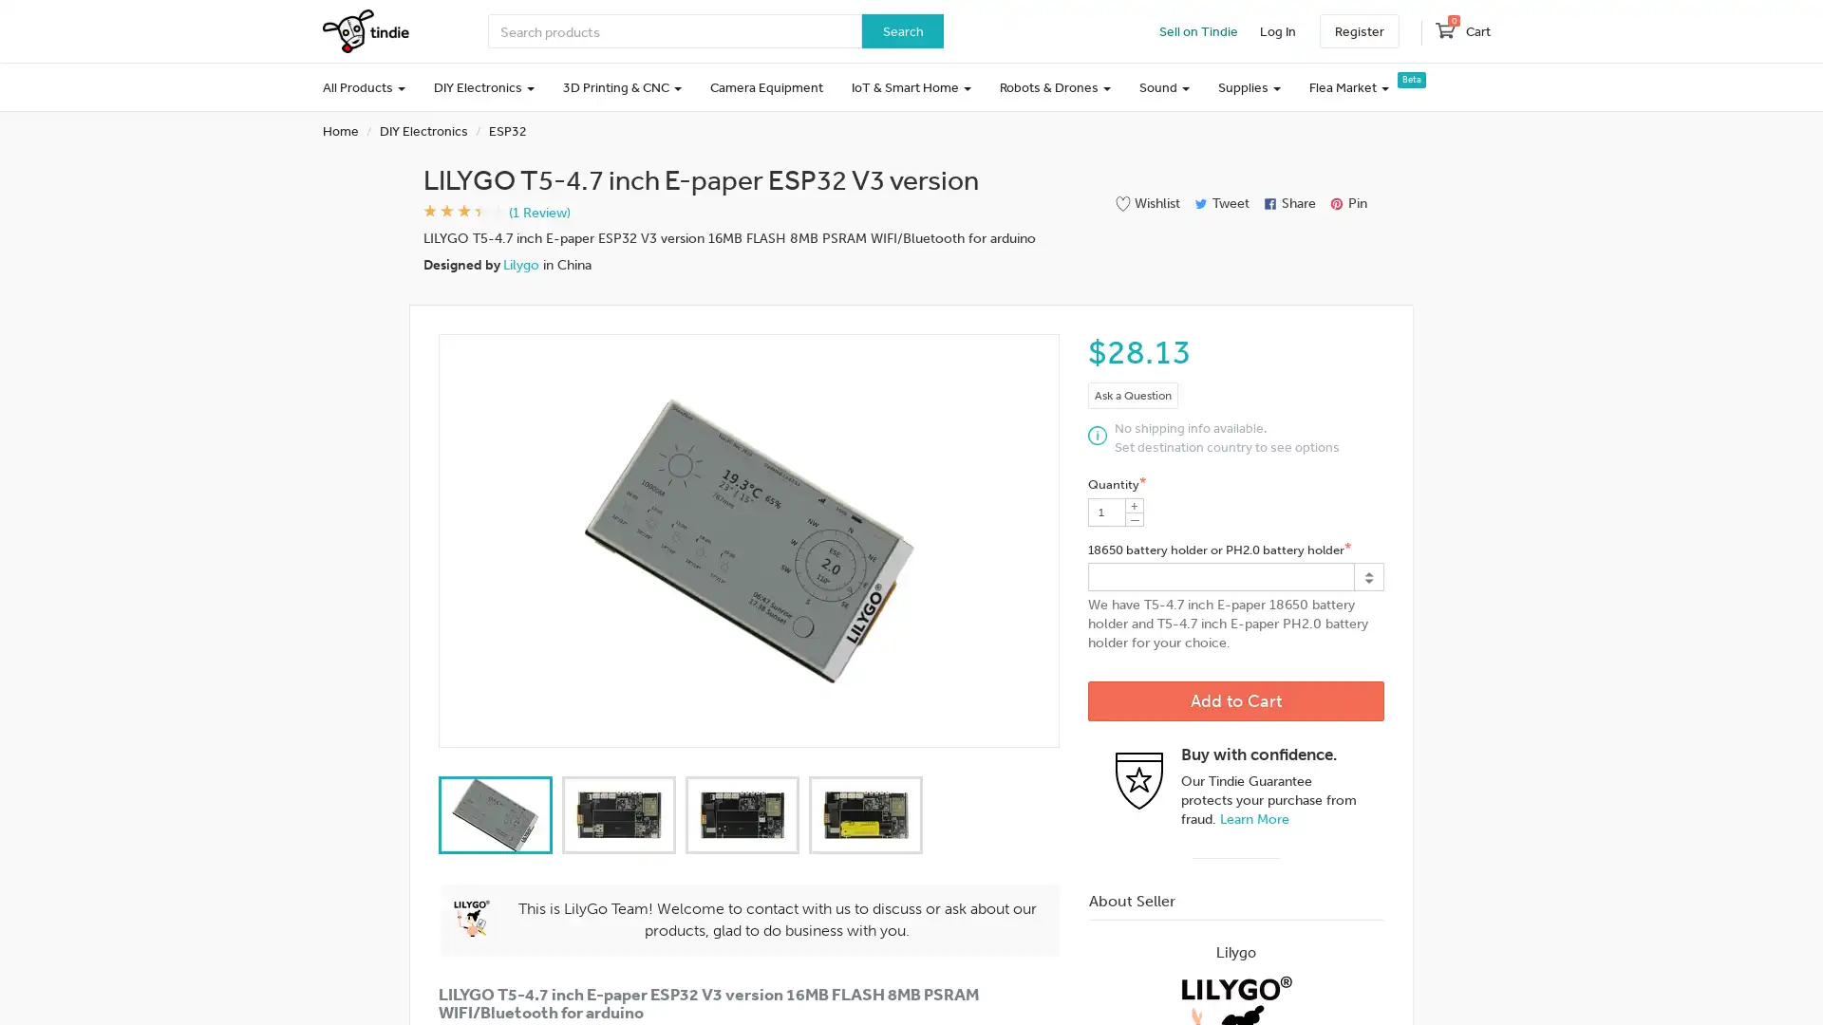  Describe the element at coordinates (901, 31) in the screenshot. I see `Search` at that location.